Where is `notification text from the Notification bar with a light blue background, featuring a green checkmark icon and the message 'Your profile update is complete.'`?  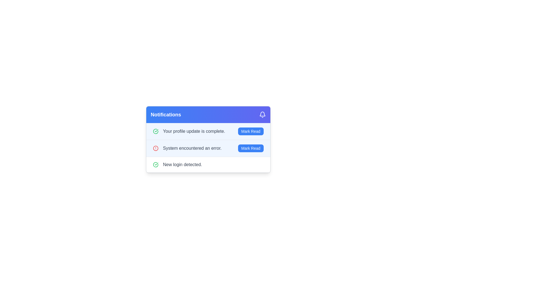 notification text from the Notification bar with a light blue background, featuring a green checkmark icon and the message 'Your profile update is complete.' is located at coordinates (208, 131).